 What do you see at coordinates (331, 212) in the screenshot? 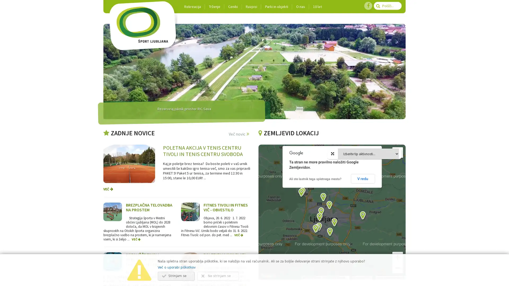
I see `Kako do nas?` at bounding box center [331, 212].